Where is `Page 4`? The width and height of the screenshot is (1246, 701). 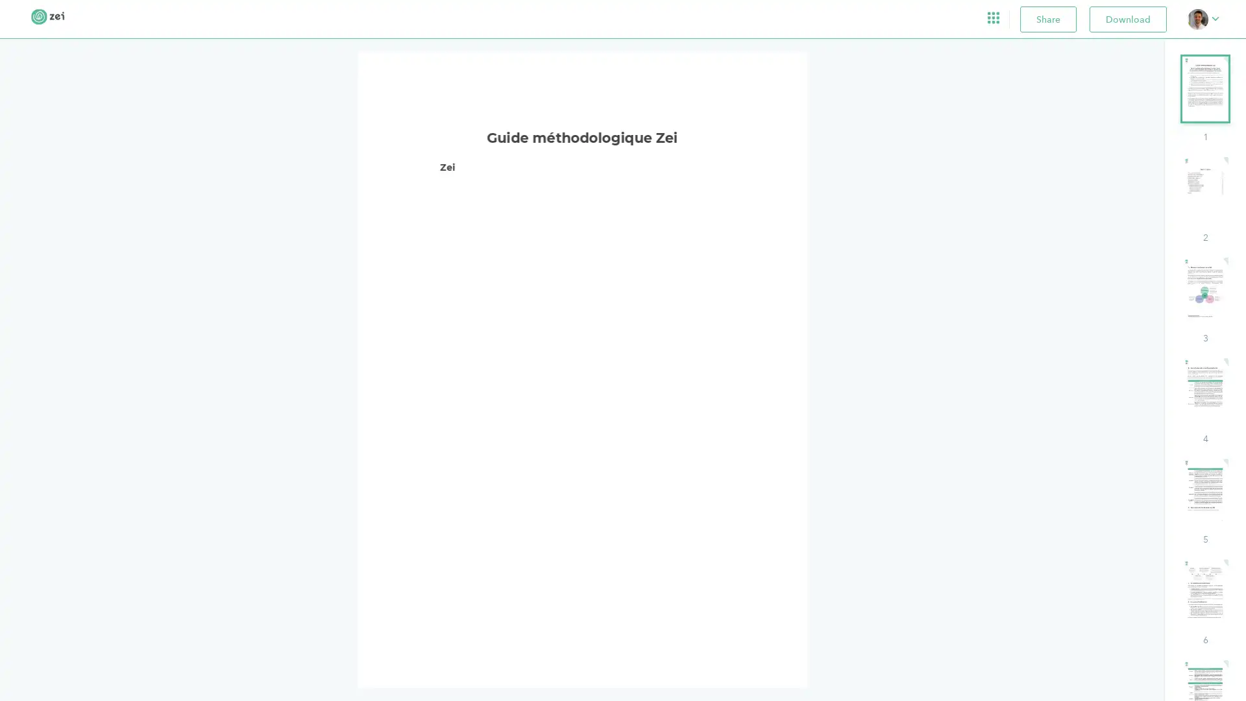
Page 4 is located at coordinates (1204, 400).